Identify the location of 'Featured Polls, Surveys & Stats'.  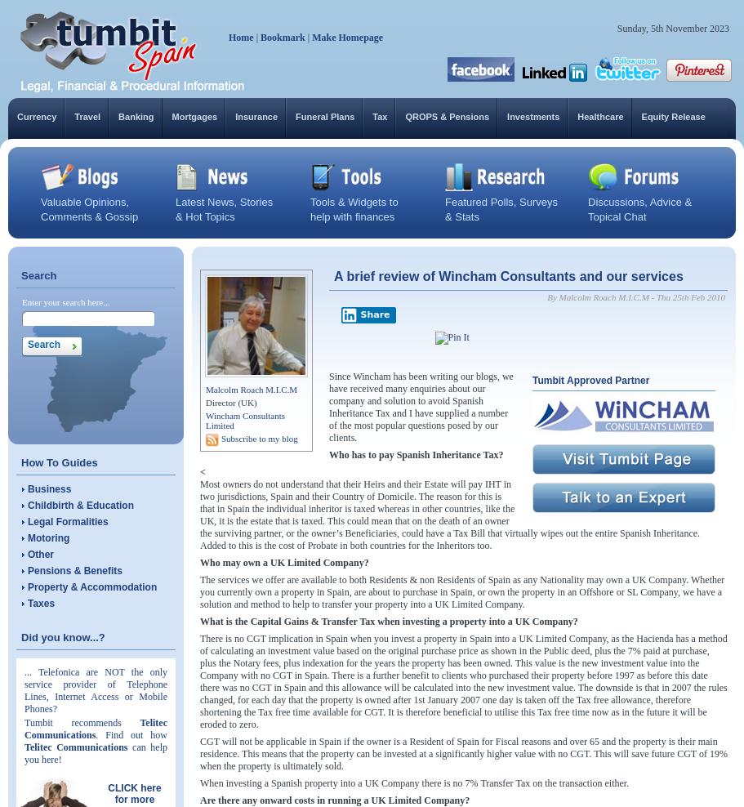
(501, 208).